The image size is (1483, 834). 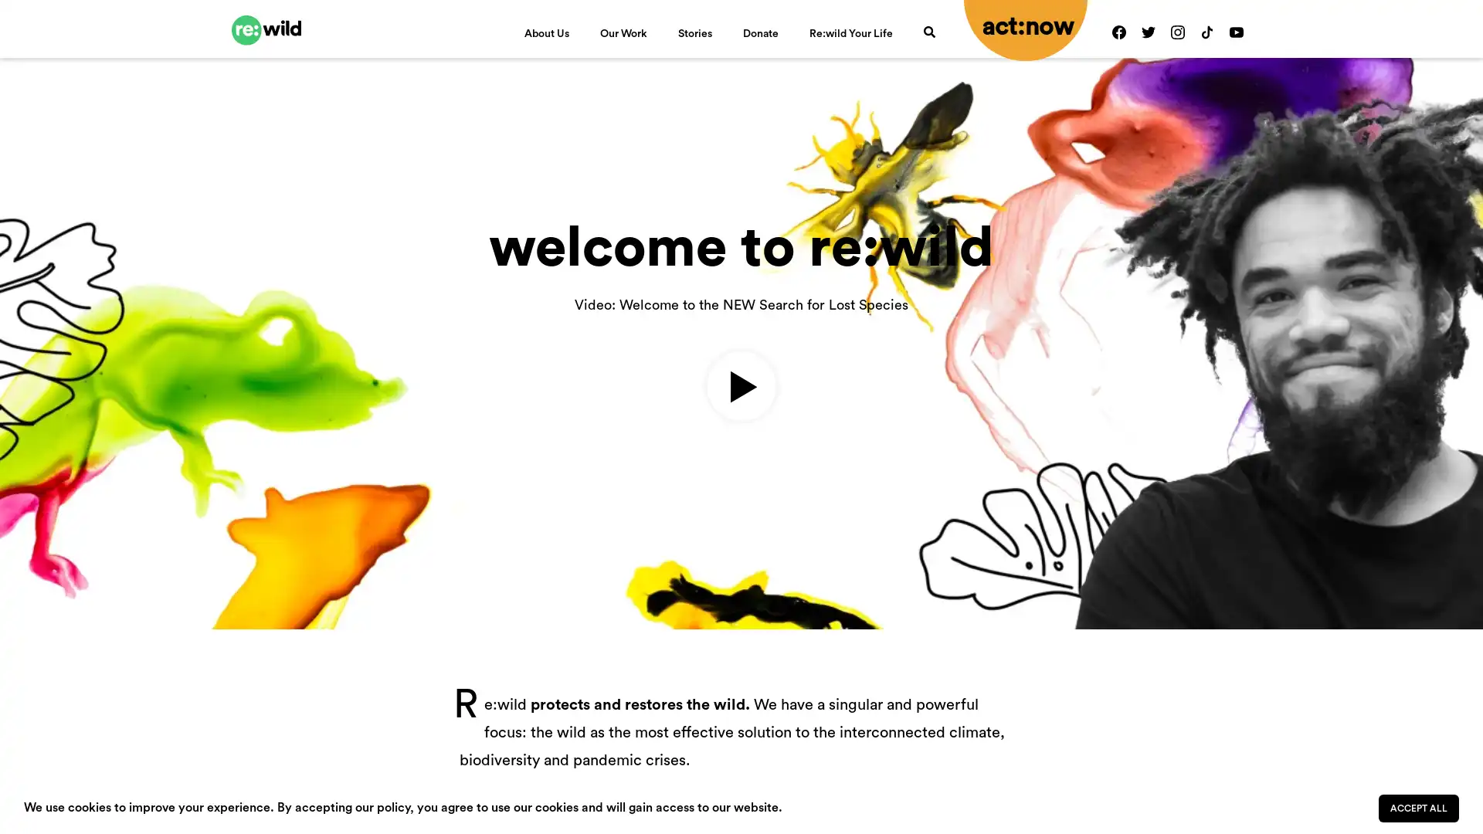 I want to click on Accept cookies, so click(x=1419, y=807).